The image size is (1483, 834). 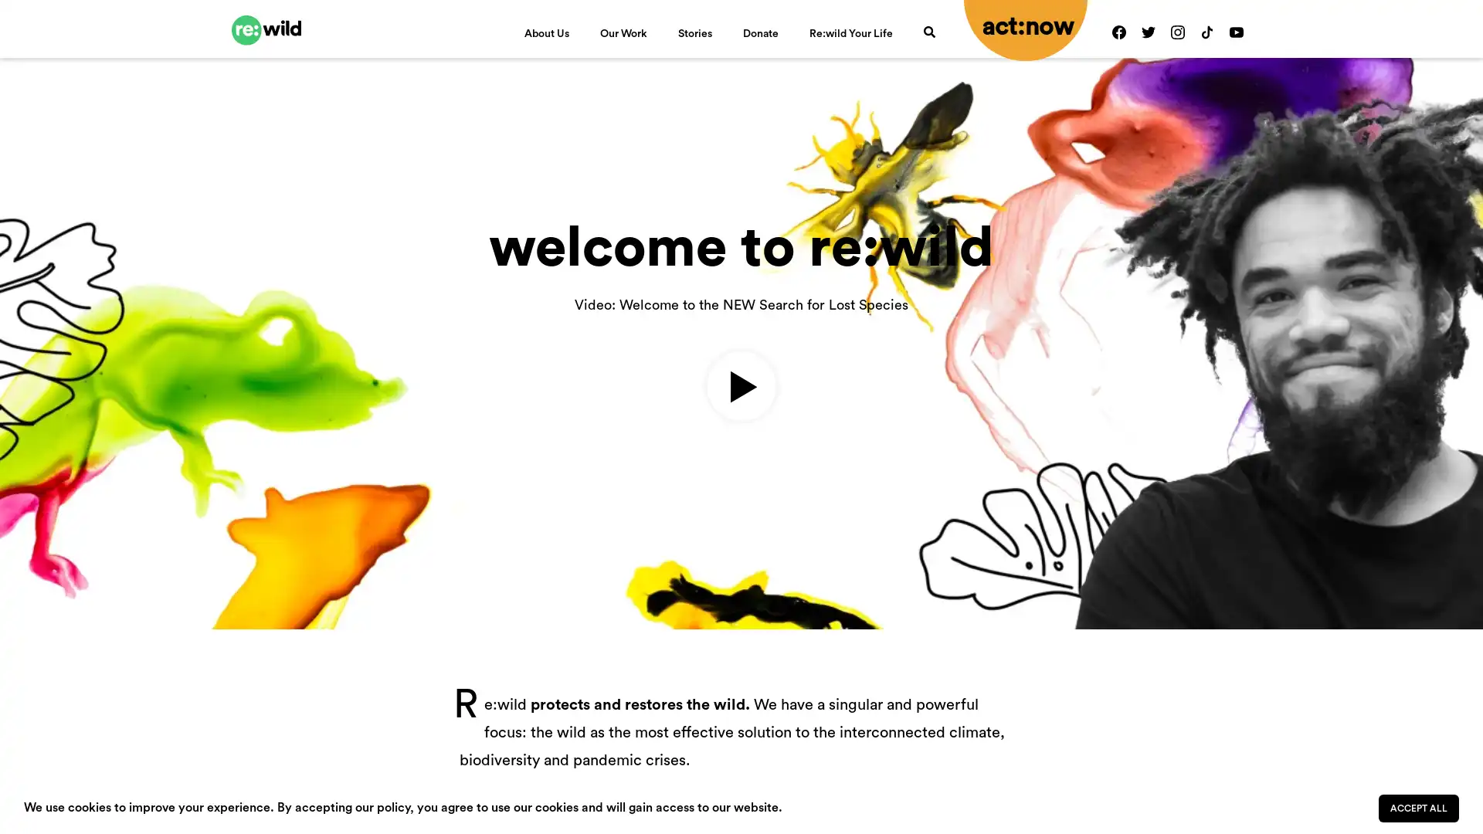 I want to click on Accept cookies, so click(x=1419, y=807).